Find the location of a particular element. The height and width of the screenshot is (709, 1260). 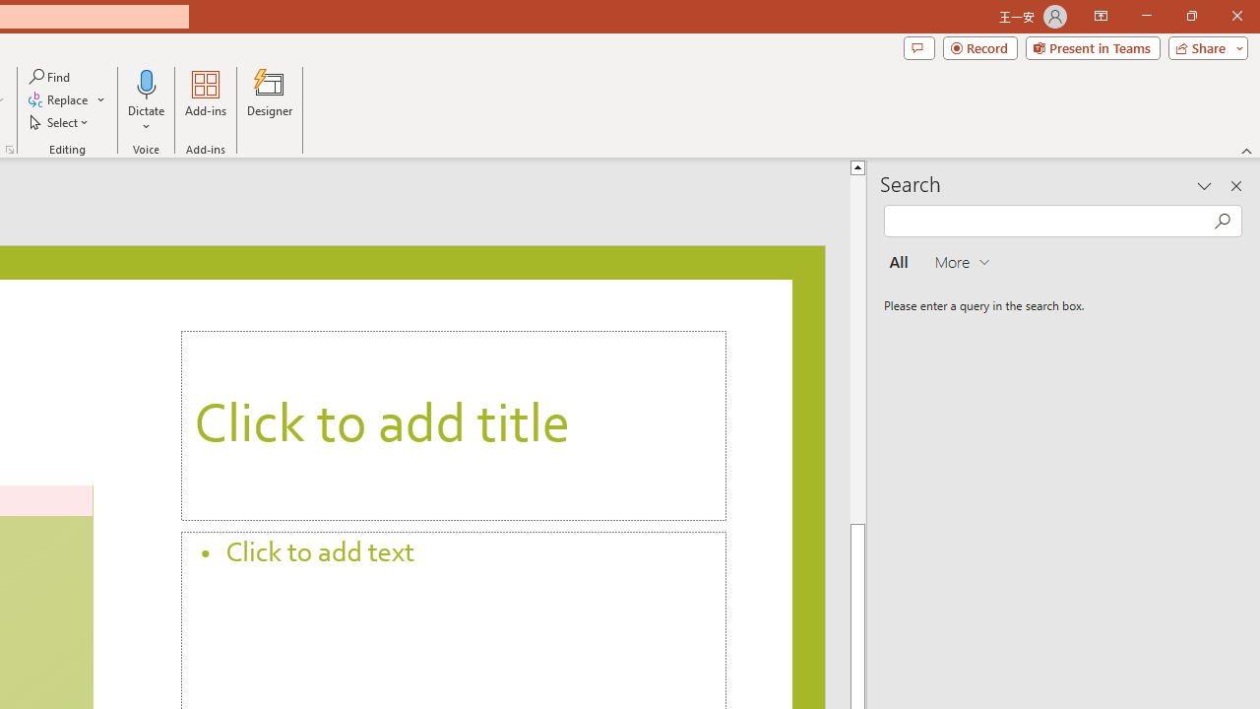

'Collapse the Ribbon' is located at coordinates (1246, 150).